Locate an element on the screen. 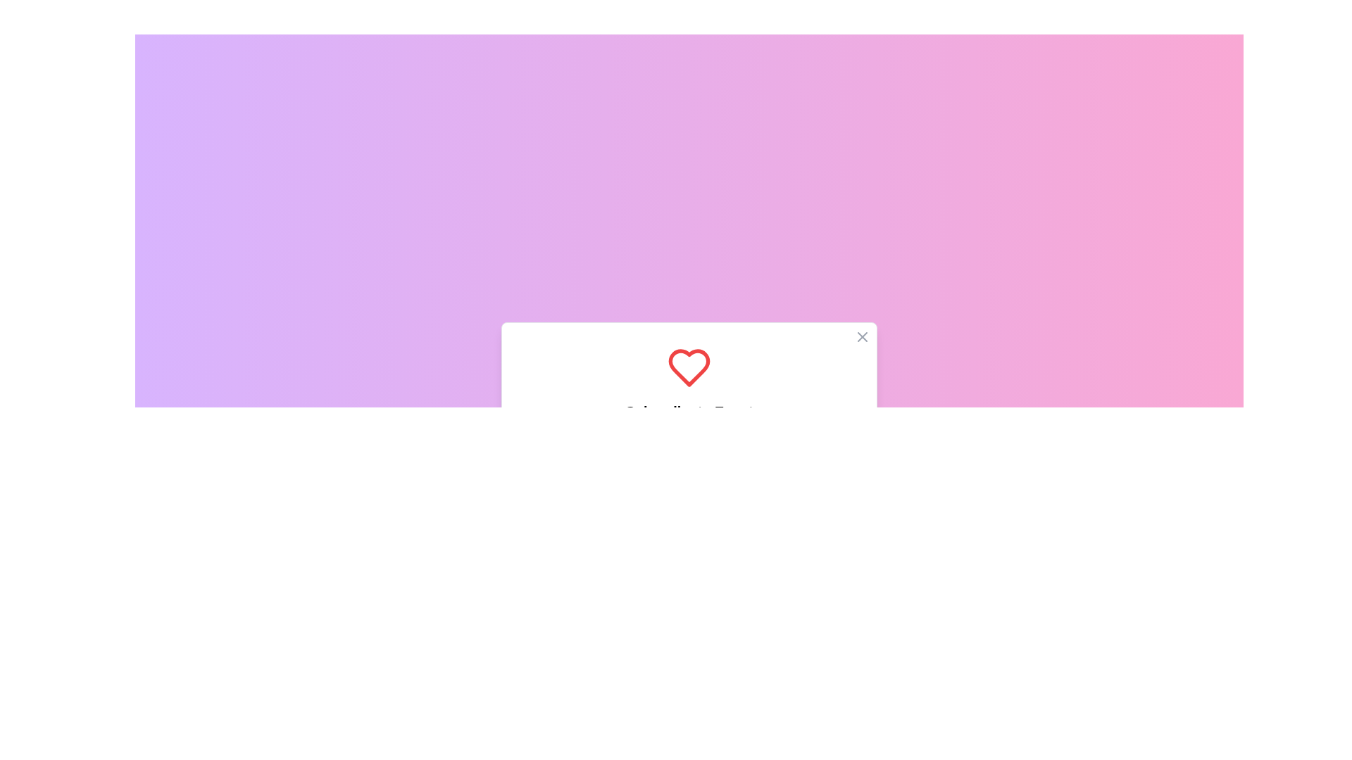 This screenshot has height=760, width=1352. inside the subscription prompt modal dialog box, which is centrally positioned and visually distinct with a gradient background is located at coordinates (689, 414).